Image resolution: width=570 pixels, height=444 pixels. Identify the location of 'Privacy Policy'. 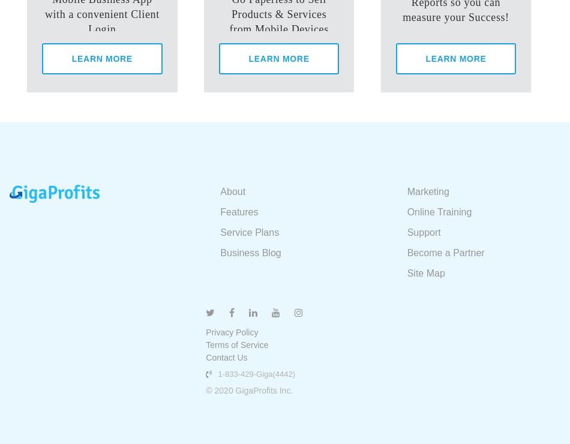
(231, 332).